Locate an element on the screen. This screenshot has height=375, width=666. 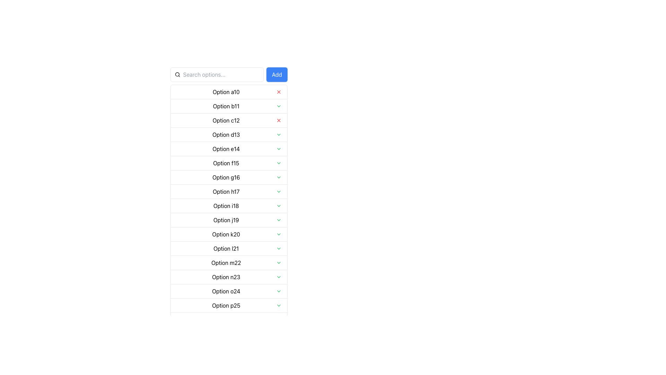
text content of the 'Option p25' text label located at the bottom of the list is located at coordinates (226, 305).